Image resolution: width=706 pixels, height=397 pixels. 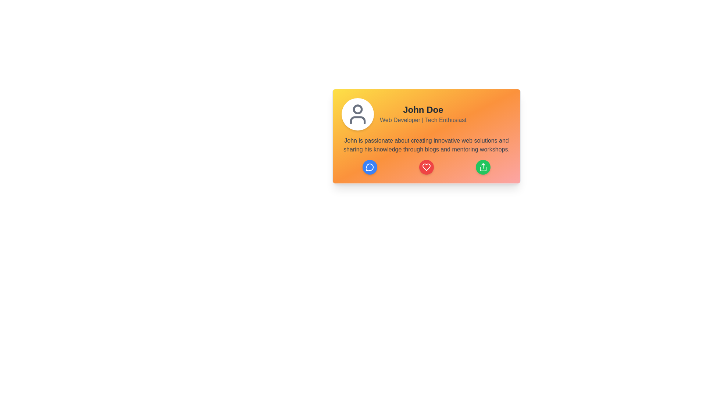 I want to click on text displayed in the Text display component, which shows 'John Doe' and 'Web Developer | Tech Enthusiast' over a gradient orange background, so click(x=423, y=114).